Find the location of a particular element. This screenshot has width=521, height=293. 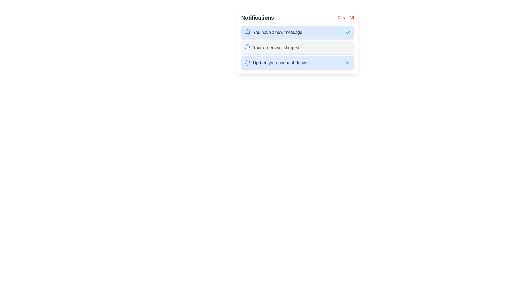

the lower part of the blue bell-shaped SVG icon within the notification panel, located adjacent to the 'Notifications' text is located at coordinates (247, 46).